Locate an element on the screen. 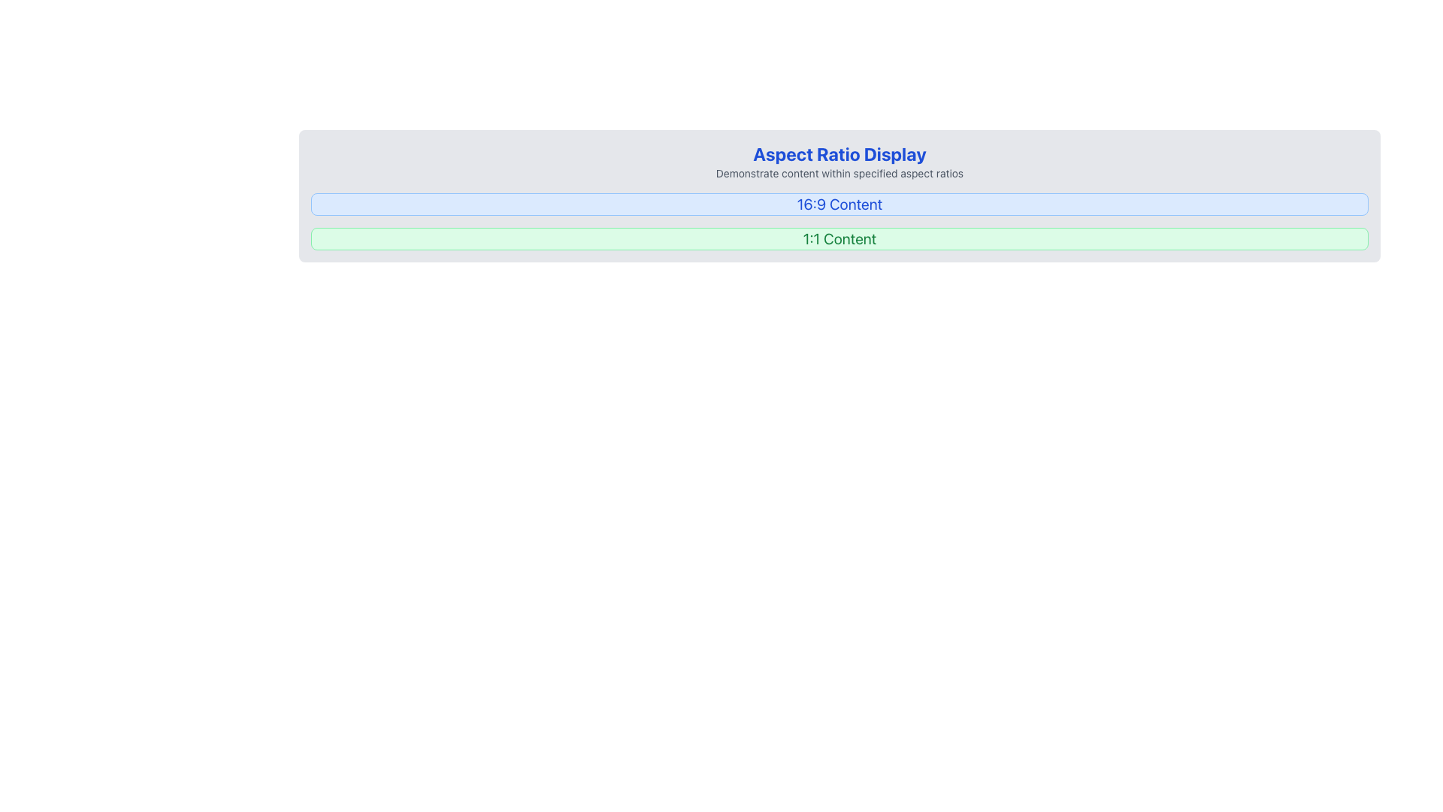  the text label reading 'Demonstrate content within specified aspect ratios', which is styled in gray and located beneath the main title 'Aspect Ratio Display' is located at coordinates (839, 173).